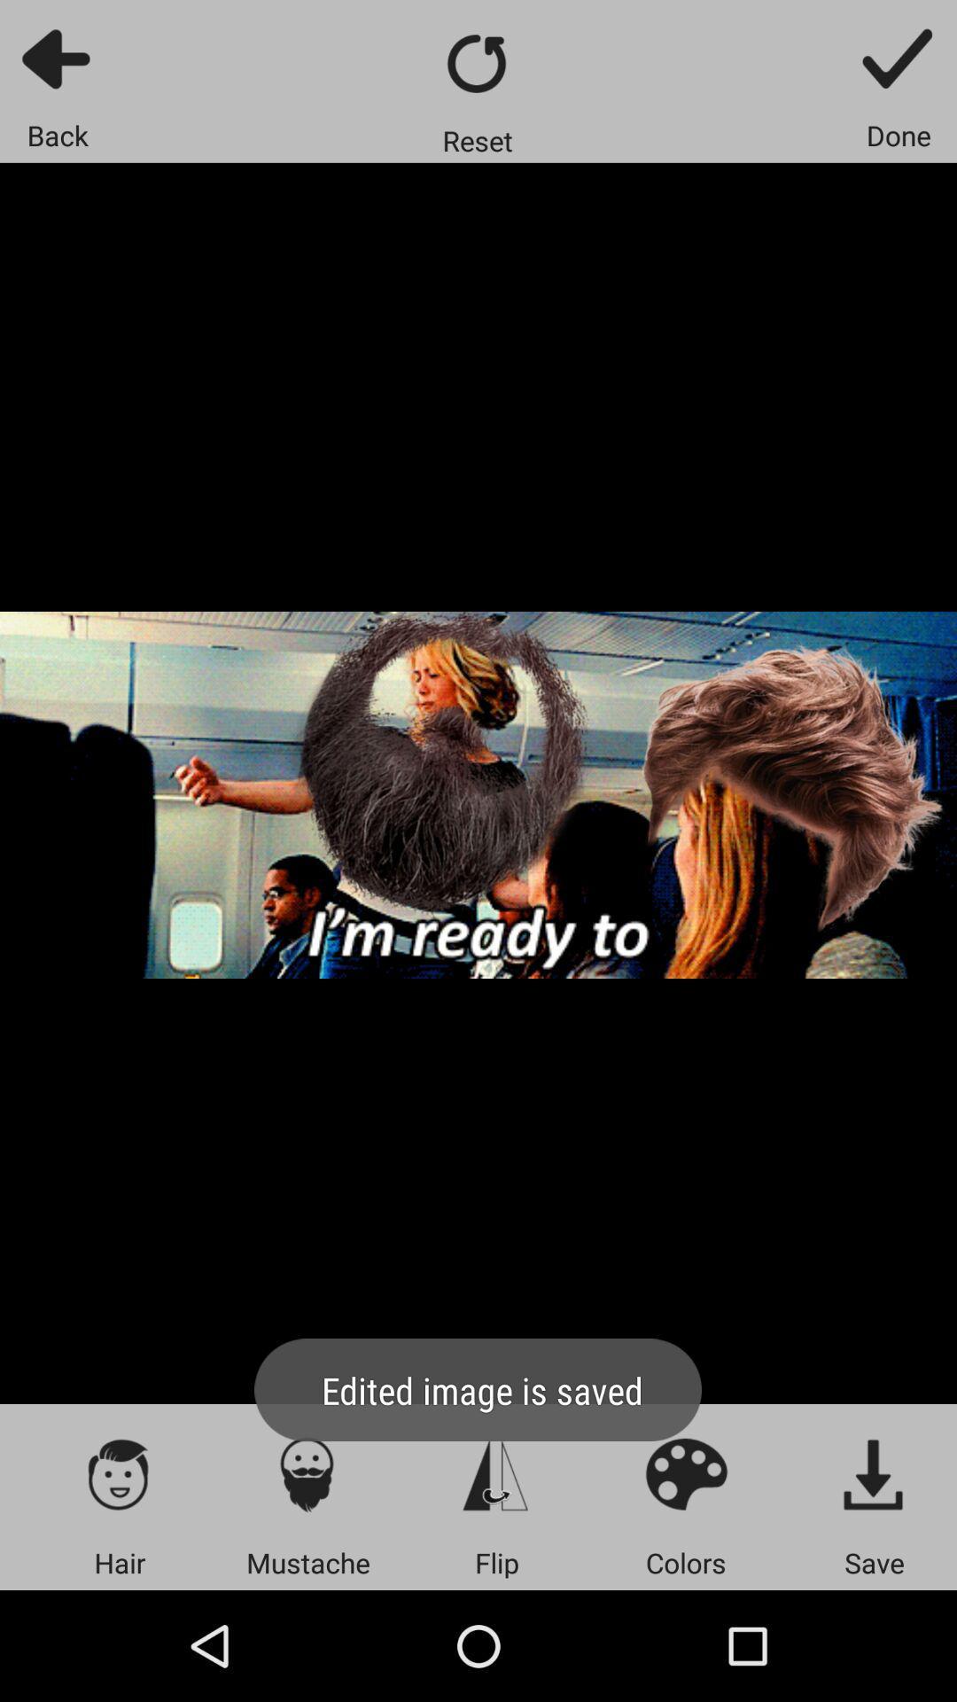 The width and height of the screenshot is (957, 1702). Describe the element at coordinates (307, 1473) in the screenshot. I see `open moustache customisation menu` at that location.